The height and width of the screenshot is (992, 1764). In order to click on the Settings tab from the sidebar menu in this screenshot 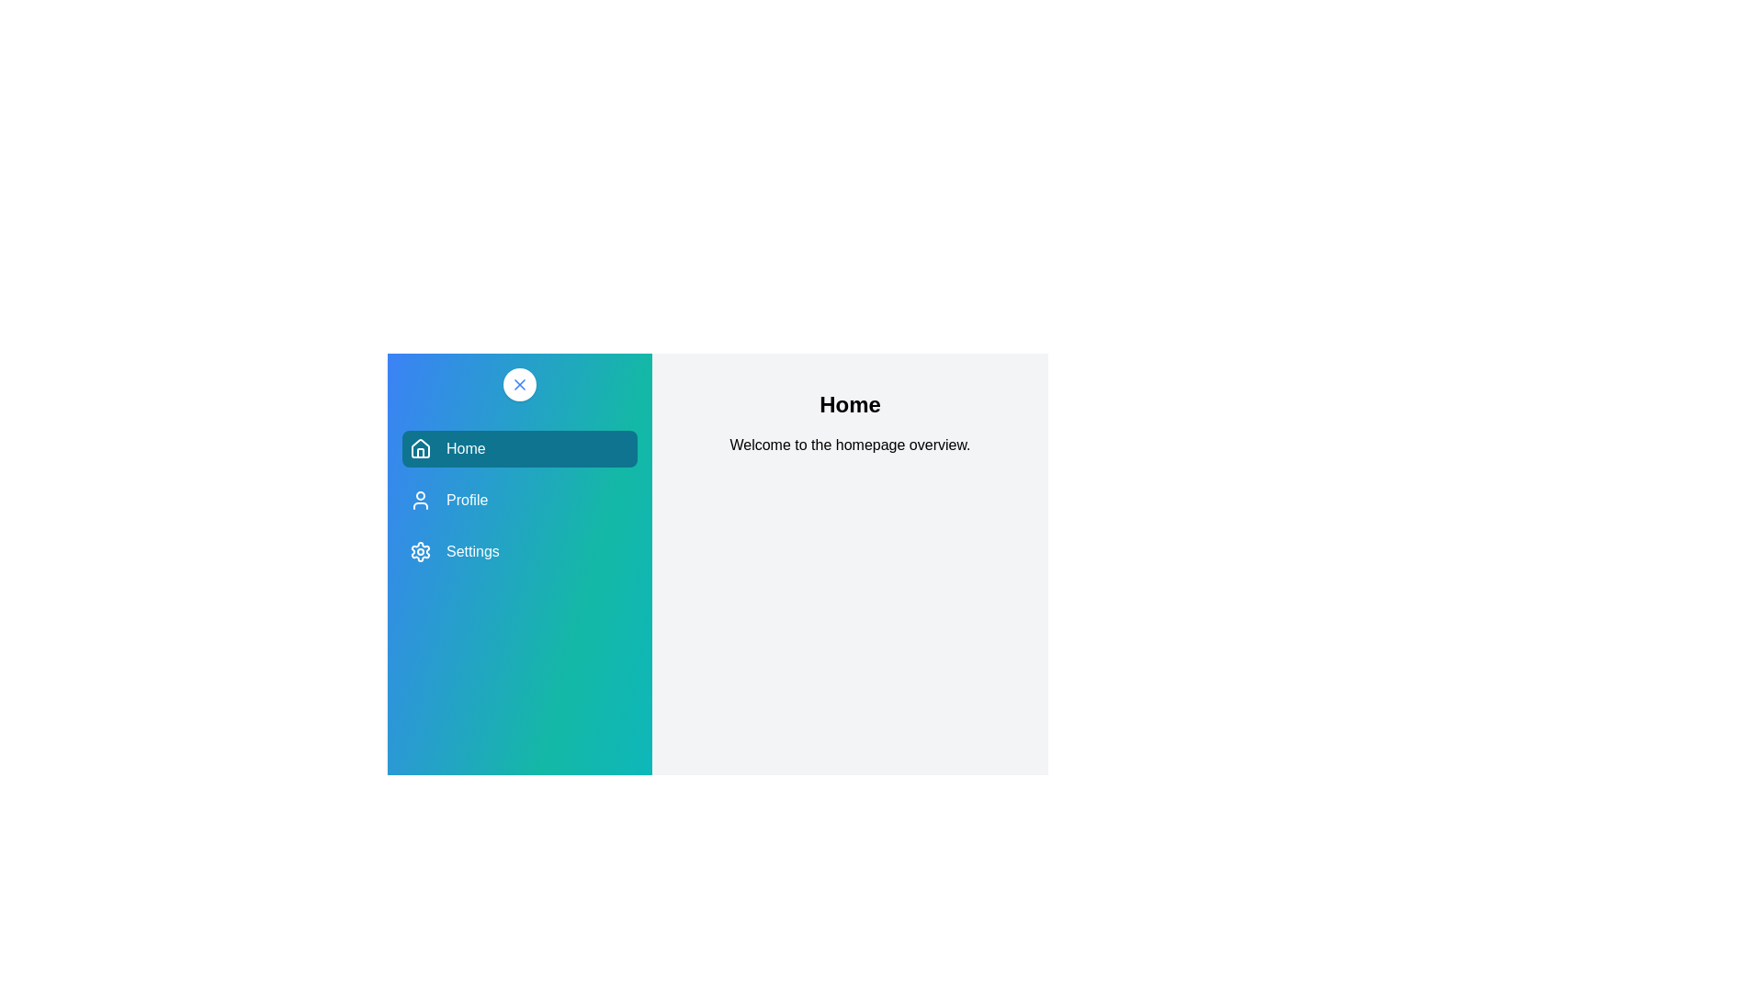, I will do `click(519, 551)`.